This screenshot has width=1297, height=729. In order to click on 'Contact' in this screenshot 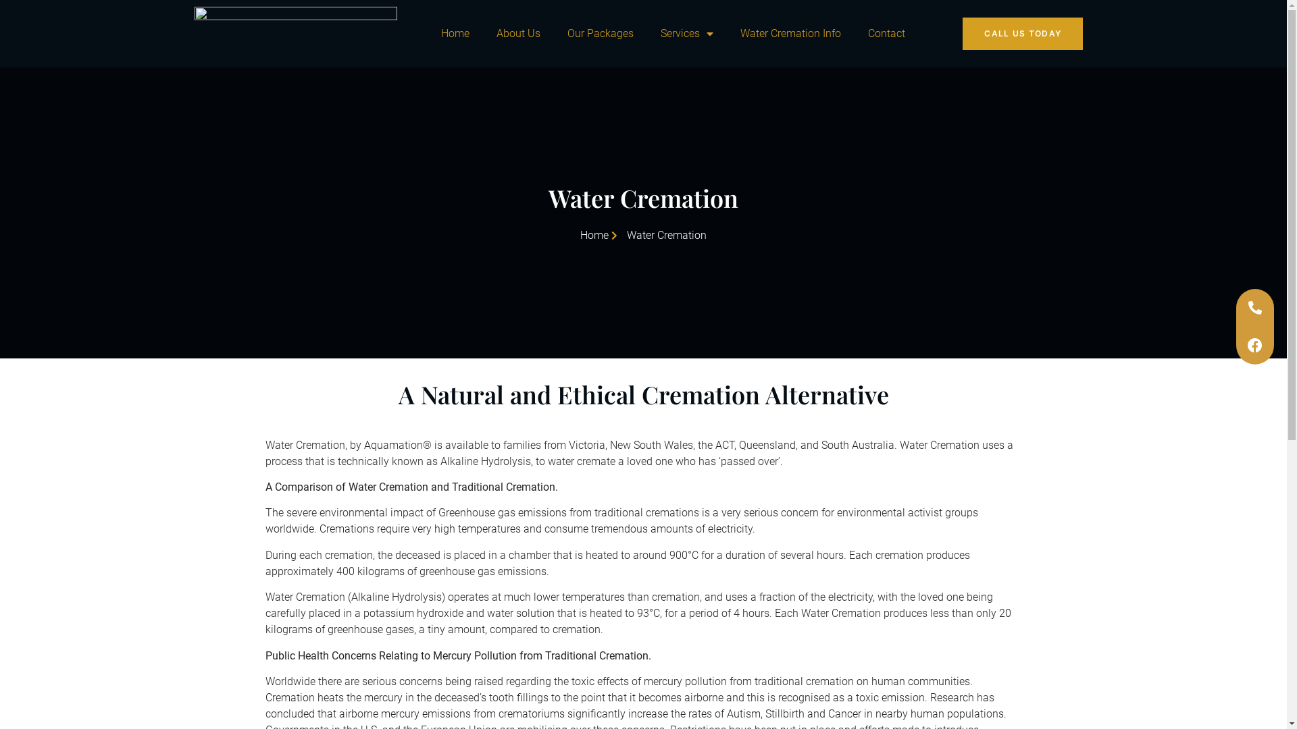, I will do `click(886, 33)`.